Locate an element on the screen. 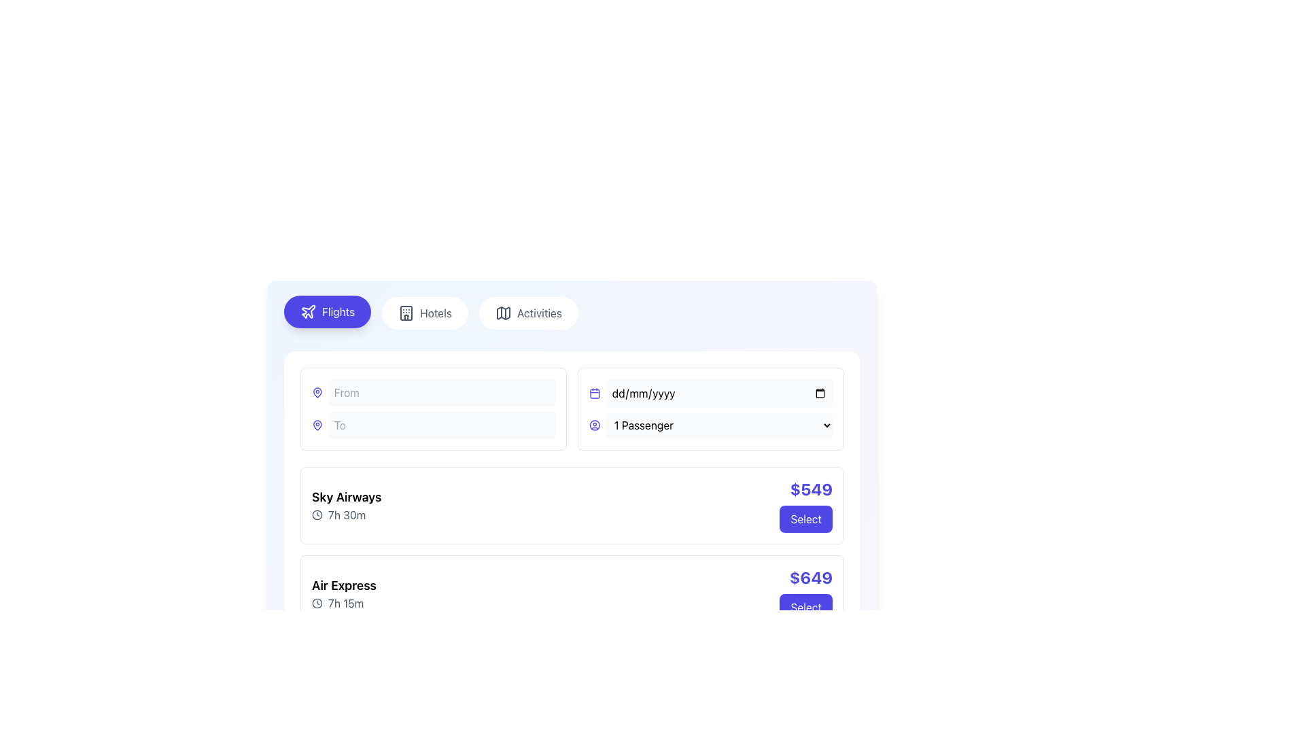  the date picker icon located at the top-right corner of the date input section is located at coordinates (595, 393).